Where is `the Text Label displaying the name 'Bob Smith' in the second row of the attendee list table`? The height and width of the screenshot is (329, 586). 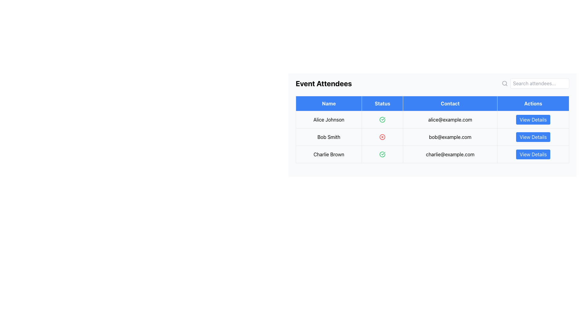 the Text Label displaying the name 'Bob Smith' in the second row of the attendee list table is located at coordinates (328, 137).